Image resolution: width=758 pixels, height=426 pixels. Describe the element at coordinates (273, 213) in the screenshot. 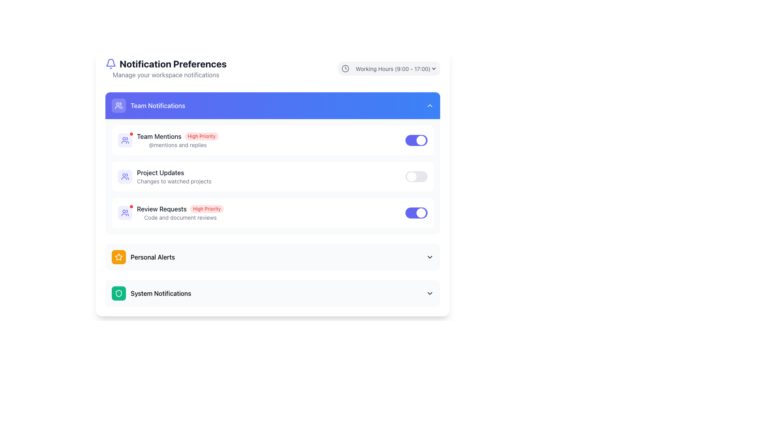

I see `the interactive toggle for the 'Review Requests' notification preference, which is the third entry under the 'Team Notifications' section` at that location.